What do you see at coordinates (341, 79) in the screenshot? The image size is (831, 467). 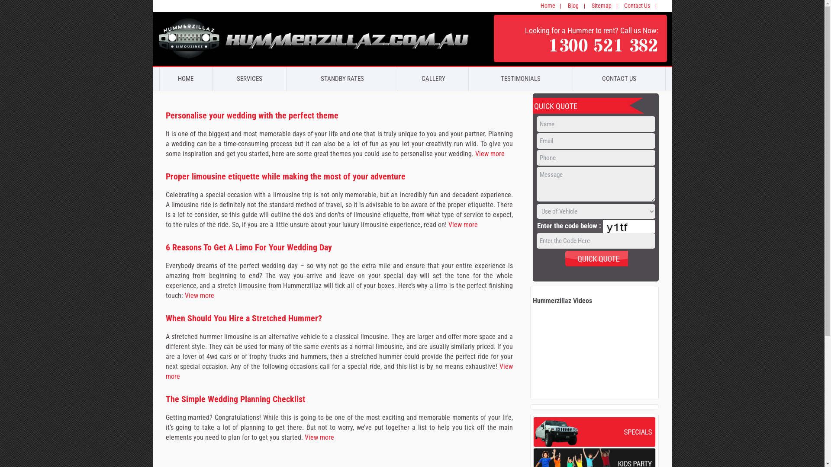 I see `'STANDBY RATES'` at bounding box center [341, 79].